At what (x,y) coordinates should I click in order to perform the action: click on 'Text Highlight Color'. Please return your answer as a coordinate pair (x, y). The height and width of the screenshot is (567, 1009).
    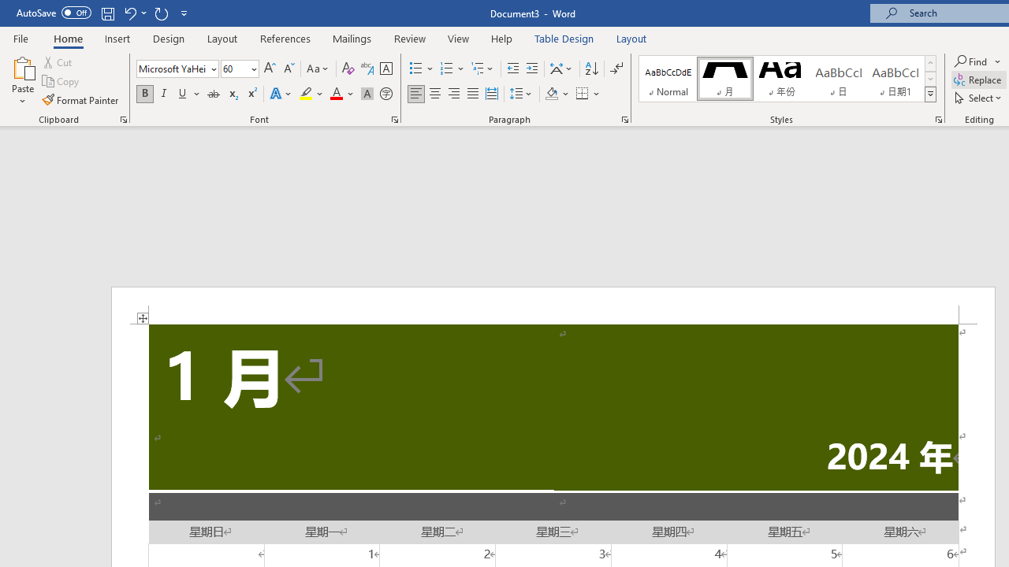
    Looking at the image, I should click on (311, 94).